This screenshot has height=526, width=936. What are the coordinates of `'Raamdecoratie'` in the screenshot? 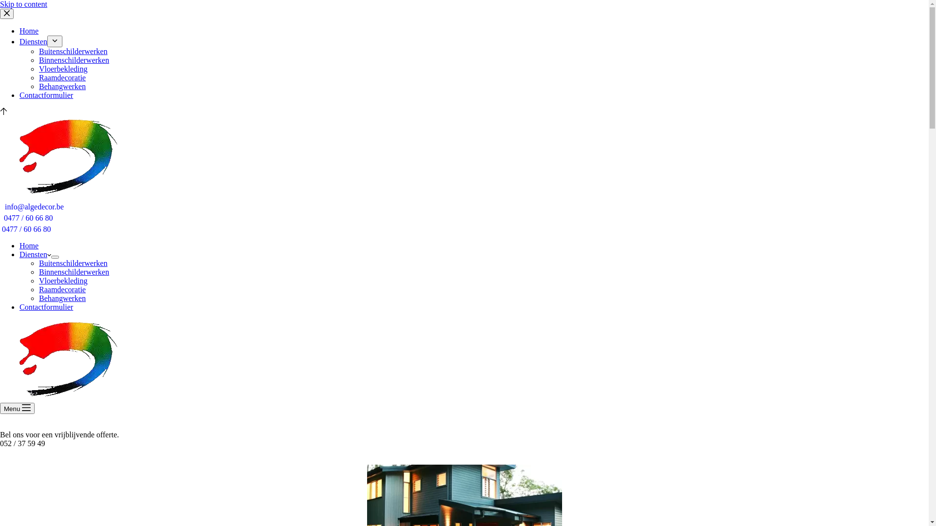 It's located at (62, 77).